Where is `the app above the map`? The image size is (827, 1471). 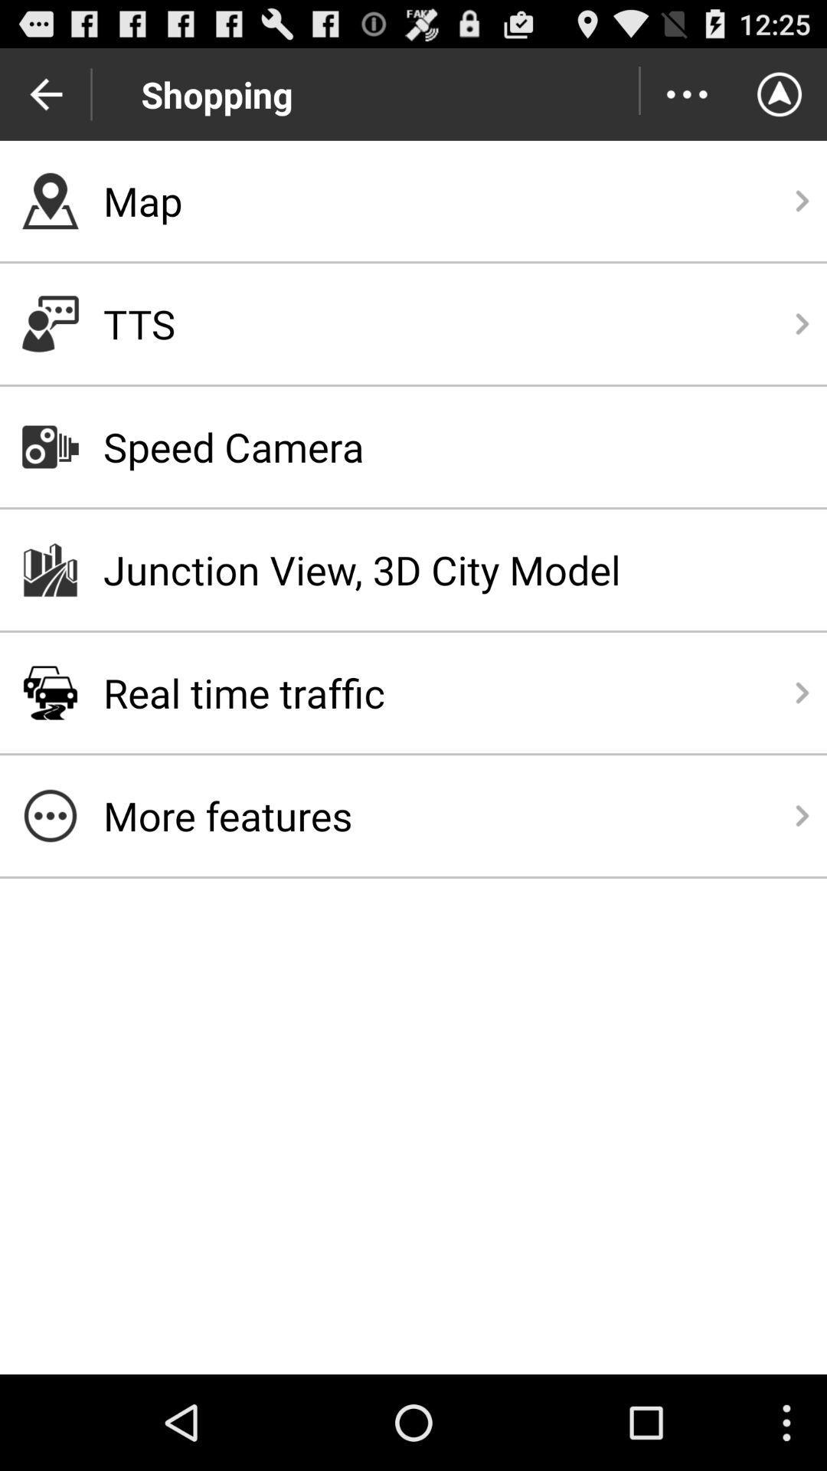 the app above the map is located at coordinates (686, 93).